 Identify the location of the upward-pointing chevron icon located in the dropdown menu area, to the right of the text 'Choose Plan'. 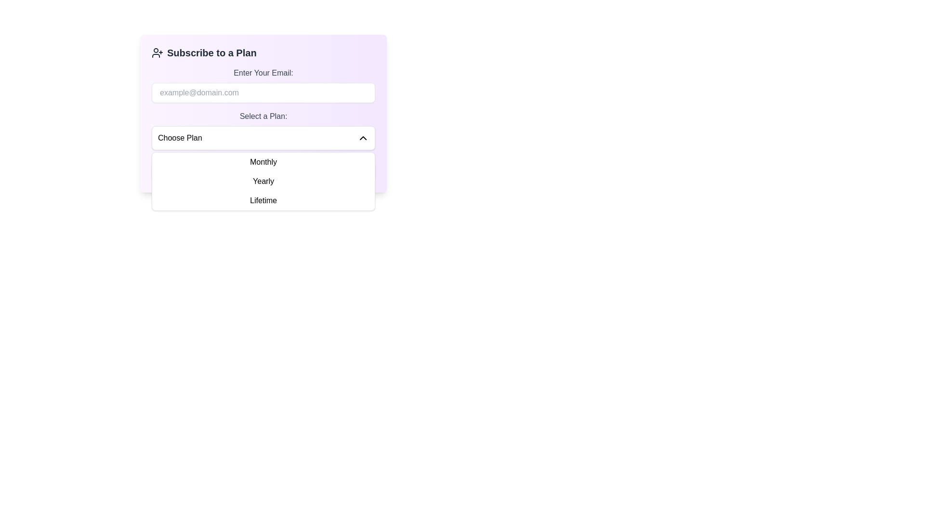
(362, 138).